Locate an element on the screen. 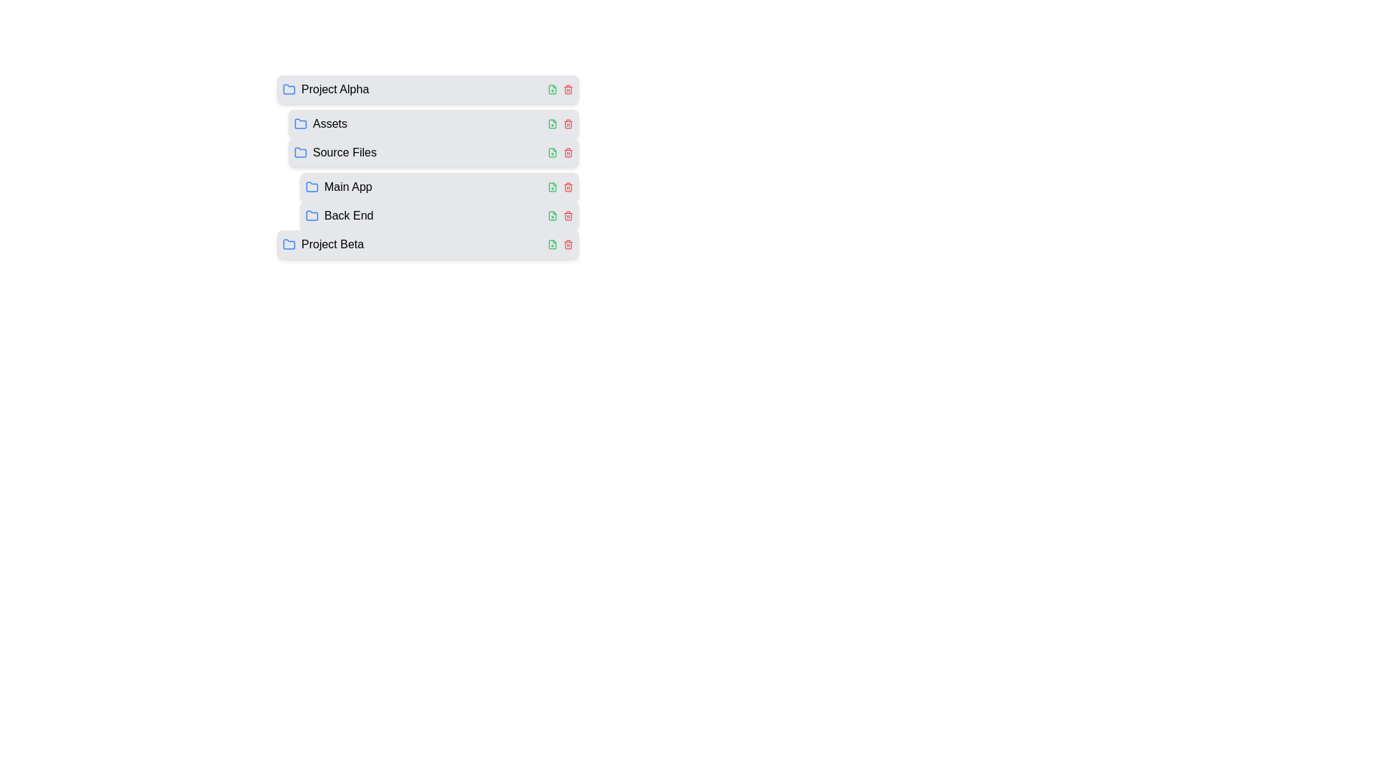  the folder icon, which has a blue outline and rounded corners, located to the left of the 'Assets' text label, to interpret its visual representation is located at coordinates (299, 123).